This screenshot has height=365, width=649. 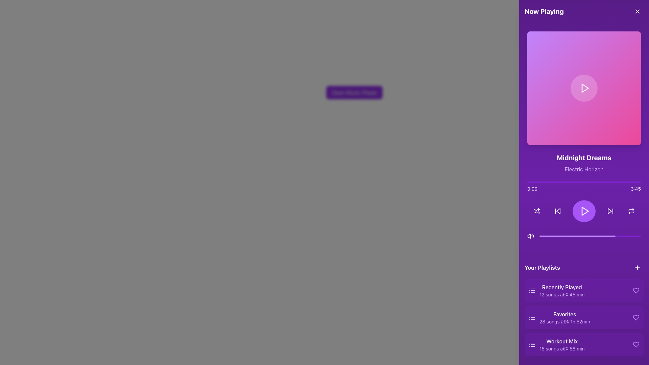 I want to click on the playback progress, so click(x=620, y=236).